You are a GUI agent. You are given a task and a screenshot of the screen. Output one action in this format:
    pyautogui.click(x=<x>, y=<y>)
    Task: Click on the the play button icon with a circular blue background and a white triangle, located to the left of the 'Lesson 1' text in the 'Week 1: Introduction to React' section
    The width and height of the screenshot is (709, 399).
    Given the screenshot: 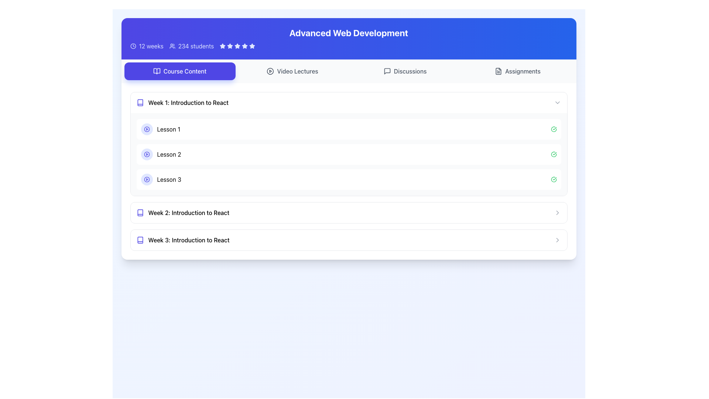 What is the action you would take?
    pyautogui.click(x=147, y=129)
    